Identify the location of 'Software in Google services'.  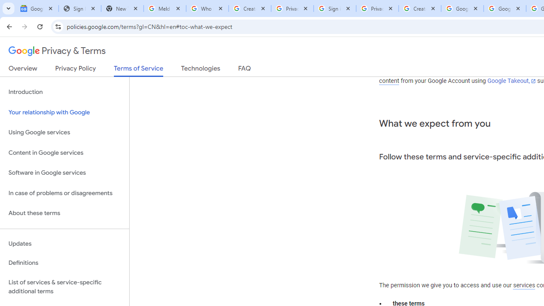
(64, 173).